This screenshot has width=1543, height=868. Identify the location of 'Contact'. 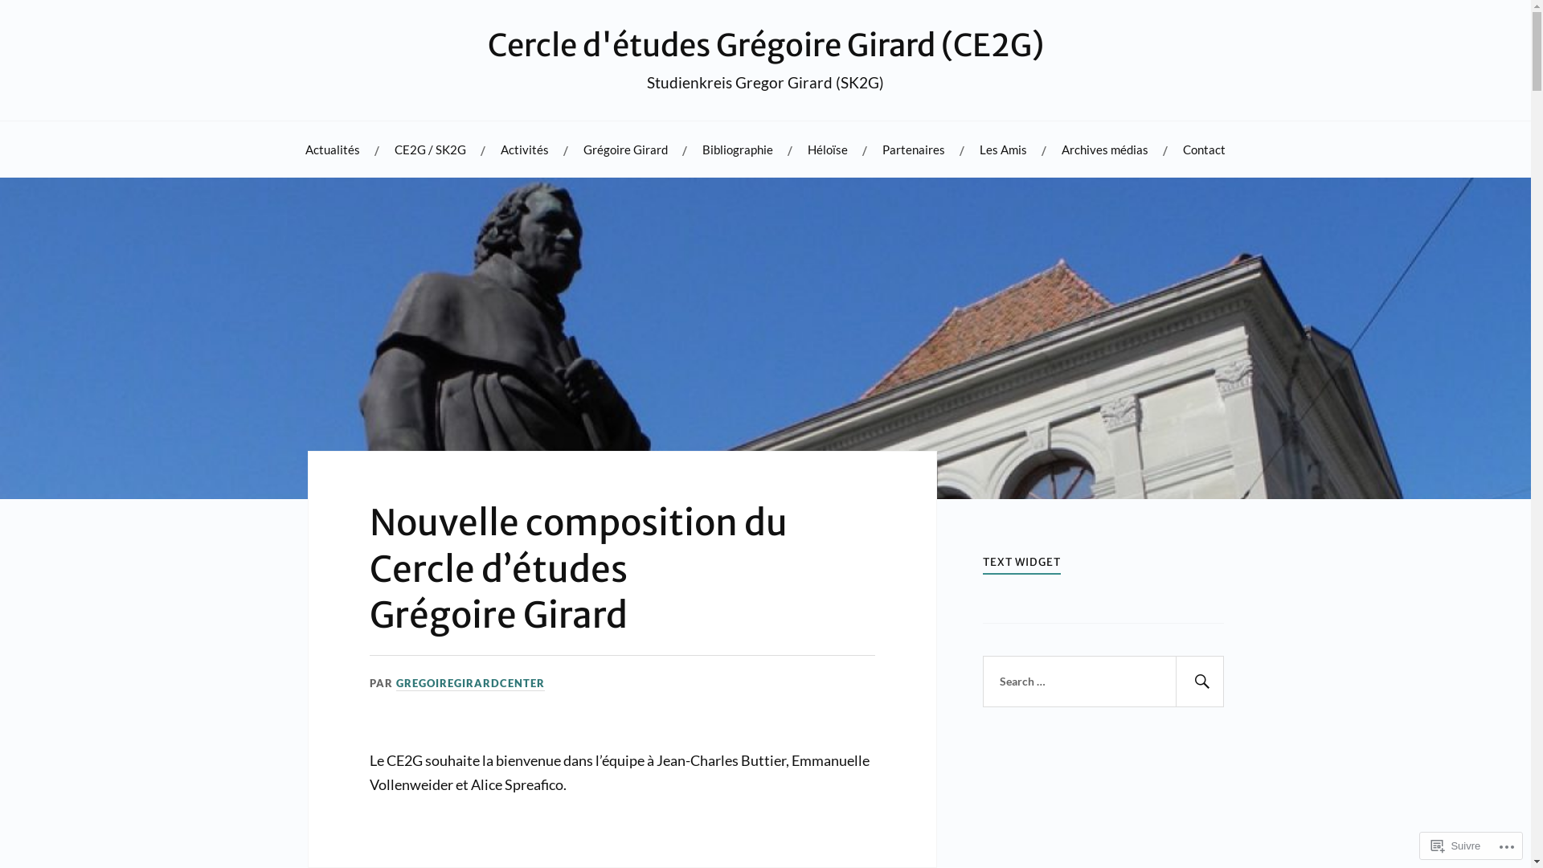
(1204, 149).